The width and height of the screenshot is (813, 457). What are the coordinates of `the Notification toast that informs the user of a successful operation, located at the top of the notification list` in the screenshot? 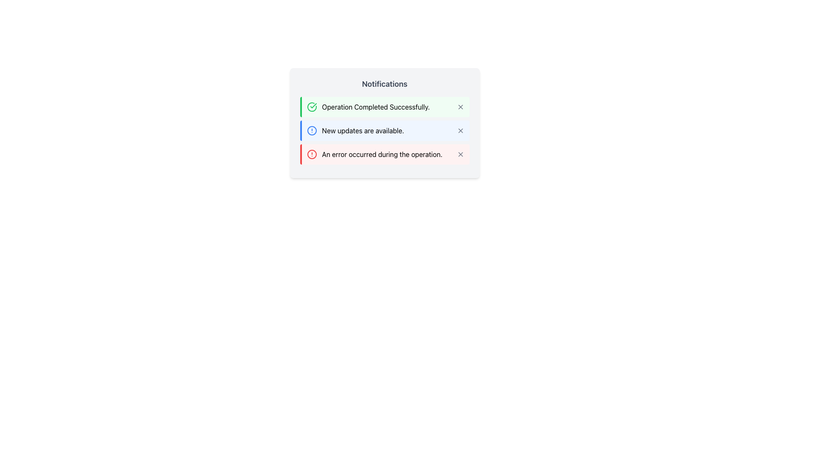 It's located at (384, 107).